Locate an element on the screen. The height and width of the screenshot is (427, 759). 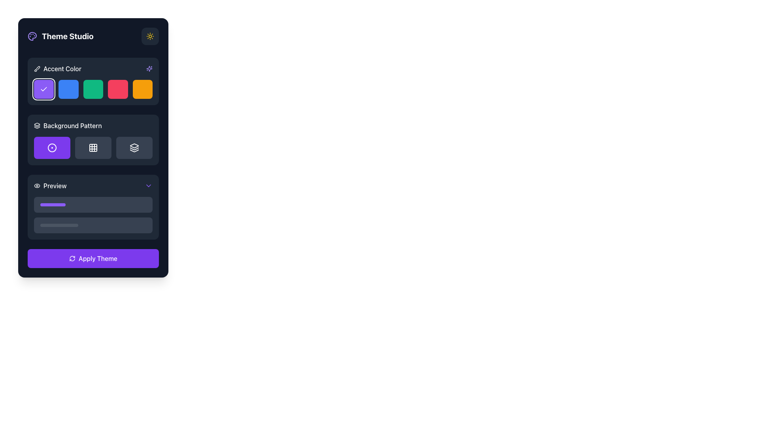
the SVG-based circular border element in the 'Background Pattern' section of the 'Theme Studio' interface, which serves as a decorative component and indicates a selected state is located at coordinates (52, 148).